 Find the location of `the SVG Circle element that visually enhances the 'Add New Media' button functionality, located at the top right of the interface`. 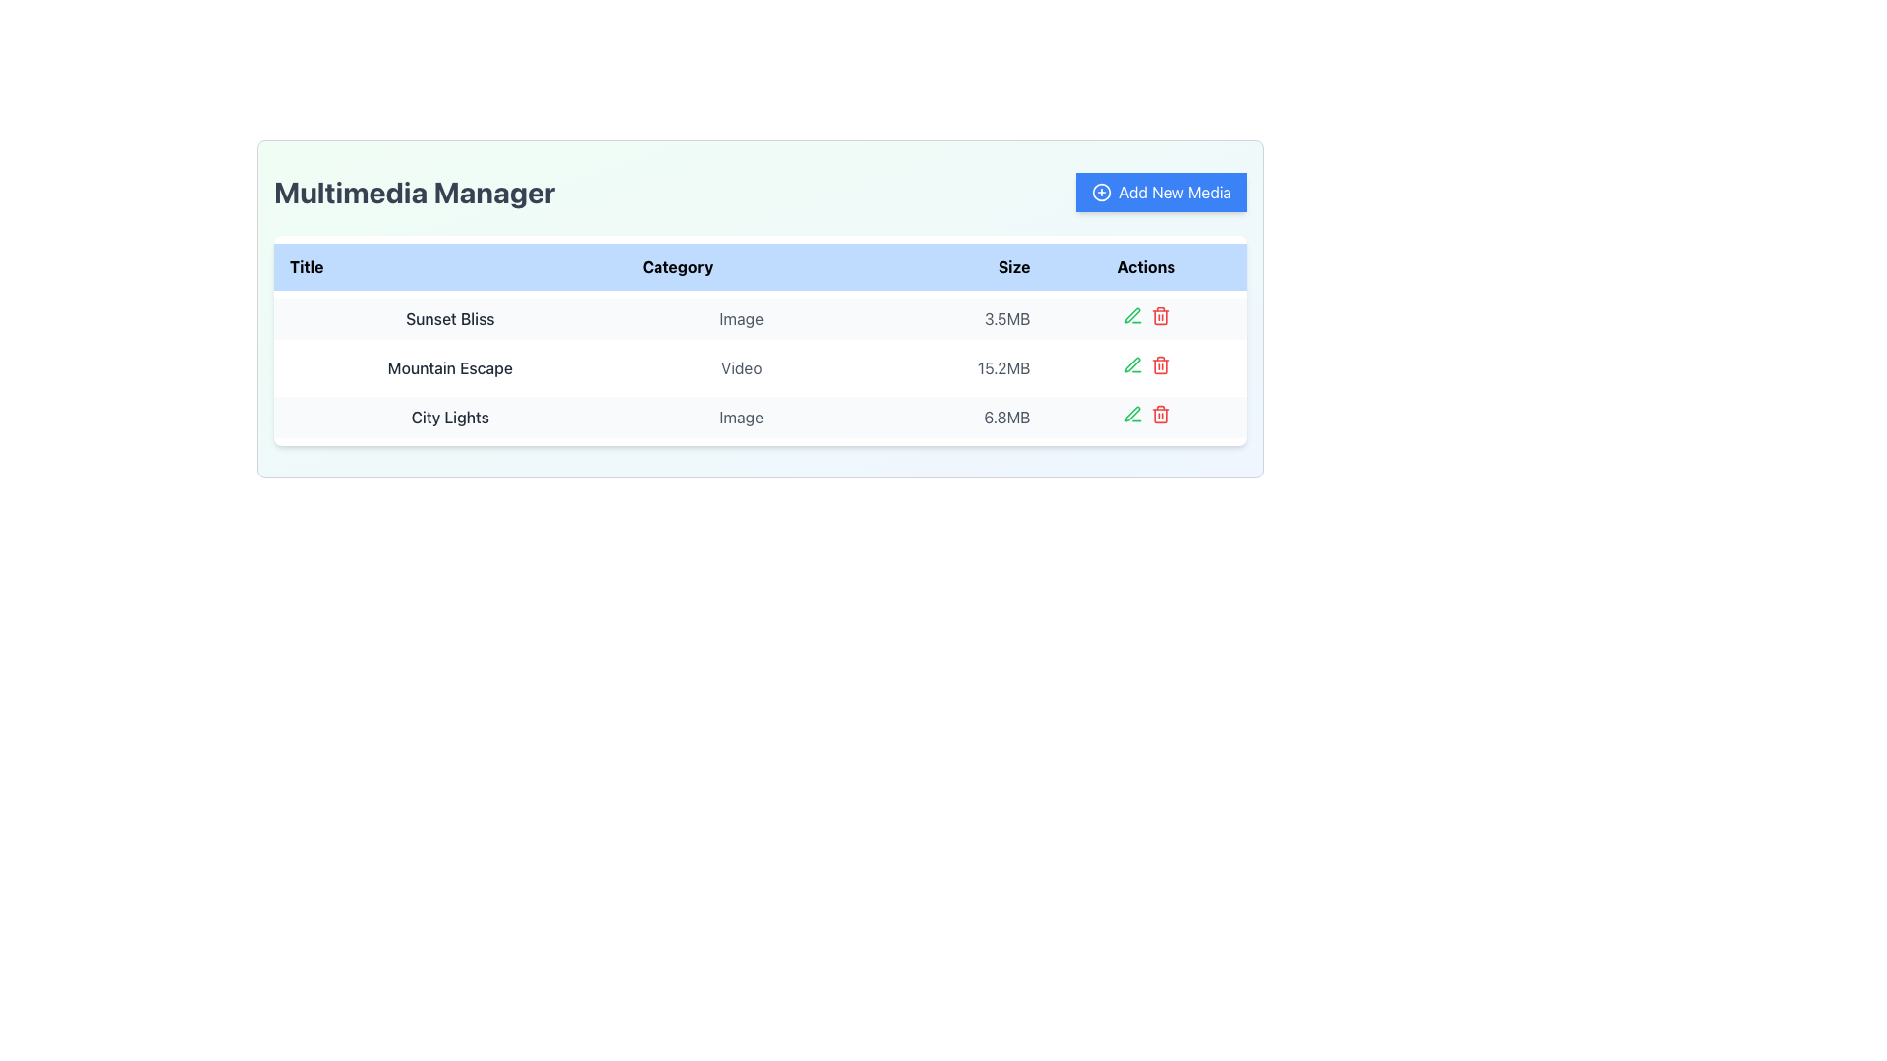

the SVG Circle element that visually enhances the 'Add New Media' button functionality, located at the top right of the interface is located at coordinates (1101, 193).